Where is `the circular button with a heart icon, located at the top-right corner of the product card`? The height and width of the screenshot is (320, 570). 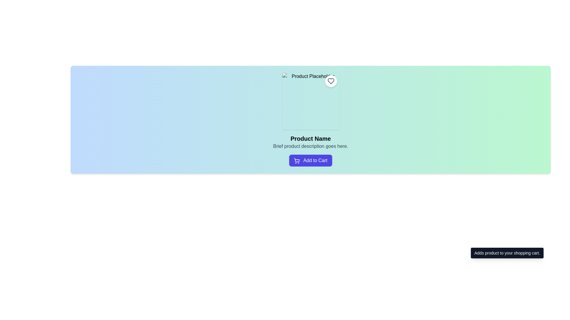
the circular button with a heart icon, located at the top-right corner of the product card is located at coordinates (330, 81).